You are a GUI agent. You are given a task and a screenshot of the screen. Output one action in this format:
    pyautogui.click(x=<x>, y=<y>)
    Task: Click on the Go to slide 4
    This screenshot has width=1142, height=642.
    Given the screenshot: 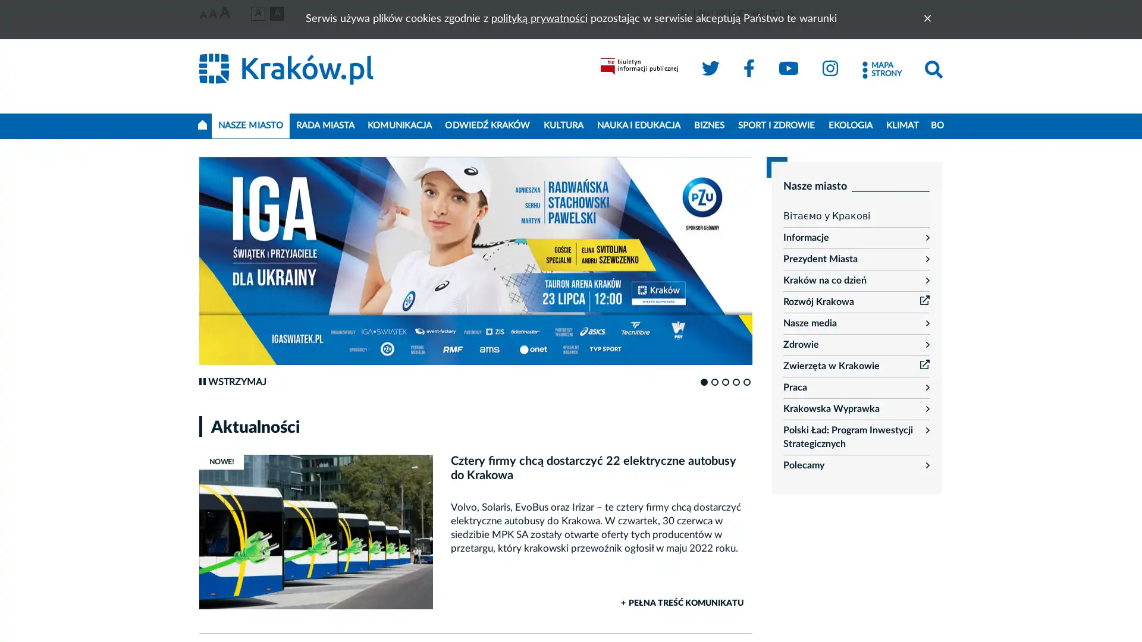 What is the action you would take?
    pyautogui.click(x=736, y=382)
    